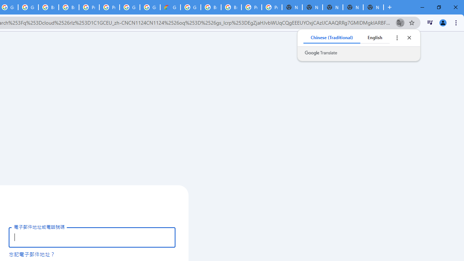 This screenshot has height=261, width=464. What do you see at coordinates (170, 7) in the screenshot?
I see `'Google Cloud Estimate Summary'` at bounding box center [170, 7].